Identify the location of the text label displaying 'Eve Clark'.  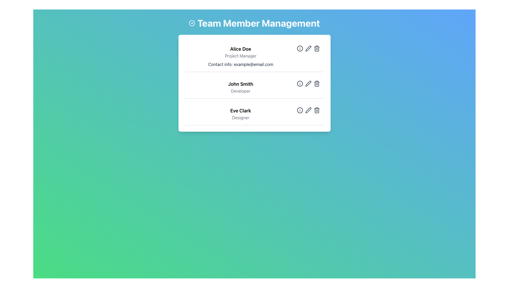
(240, 111).